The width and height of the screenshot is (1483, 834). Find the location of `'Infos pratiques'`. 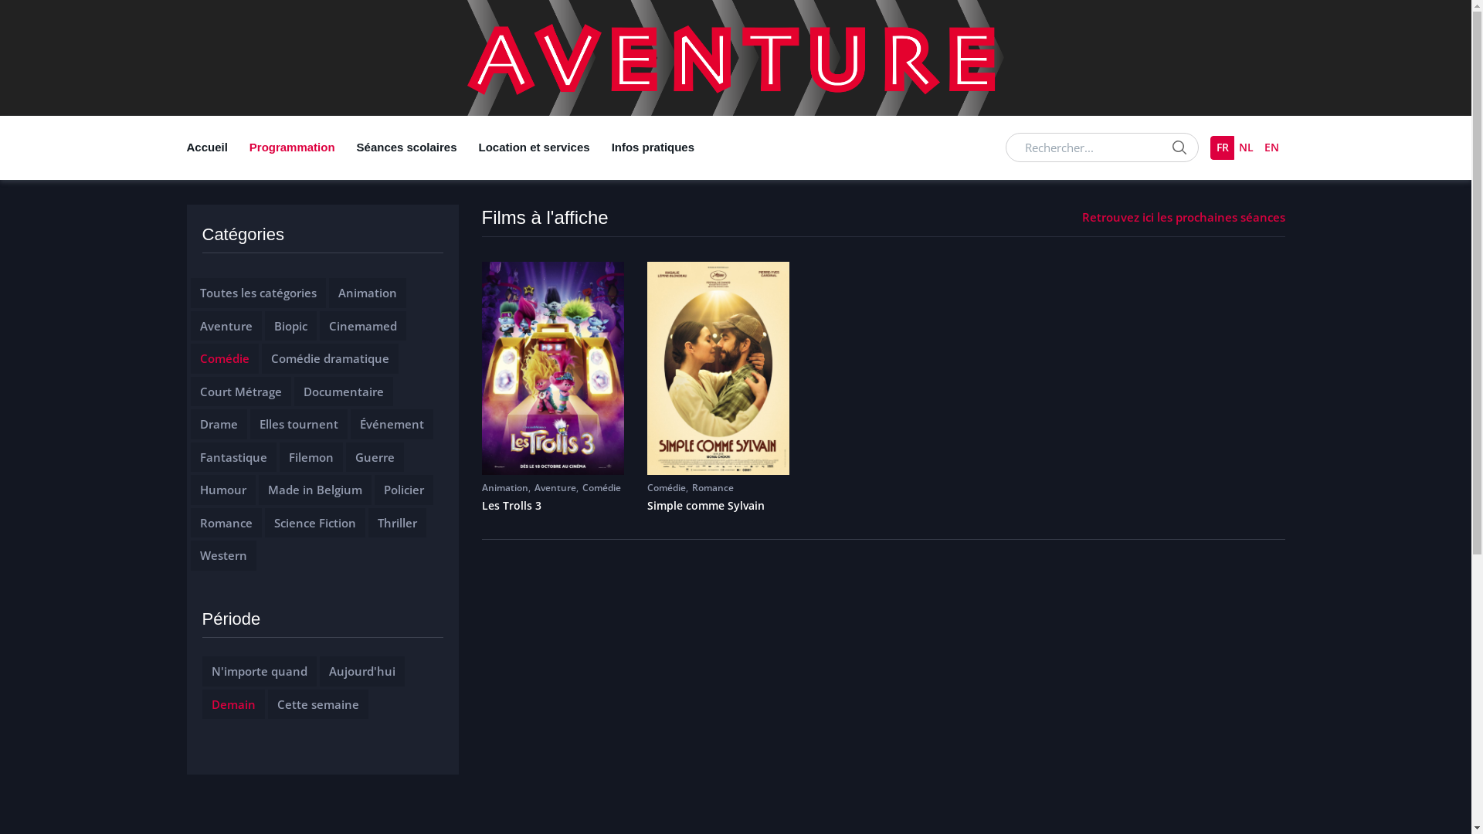

'Infos pratiques' is located at coordinates (599, 147).